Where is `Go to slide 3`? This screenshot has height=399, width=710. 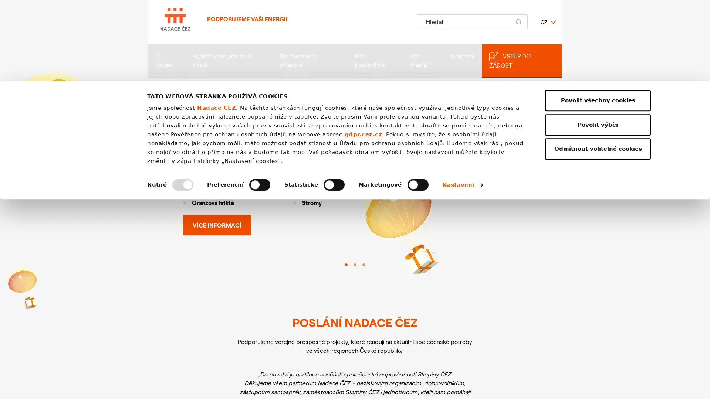 Go to slide 3 is located at coordinates (364, 264).